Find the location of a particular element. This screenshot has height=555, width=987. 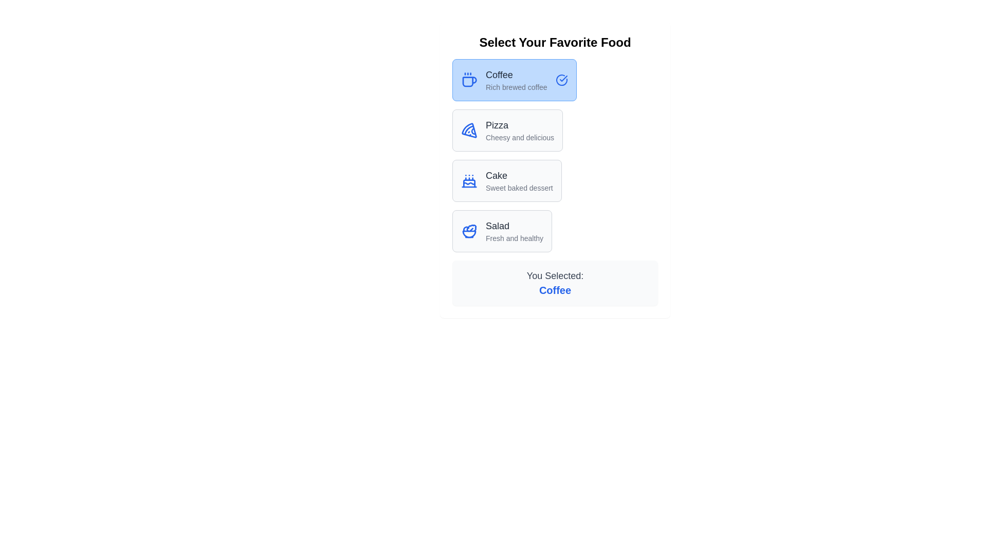

the blue coffee cup icon representing 'Coffee - Rich brewed coffee' is located at coordinates (468, 79).